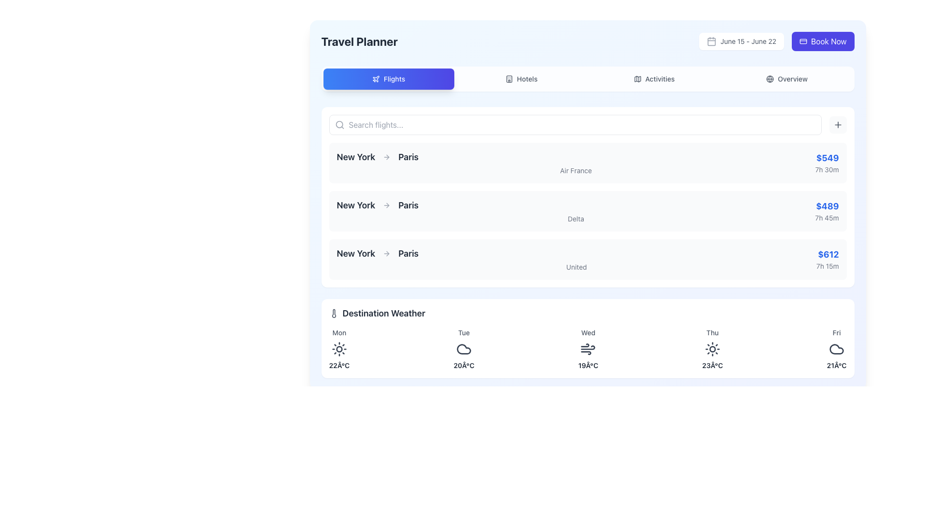  Describe the element at coordinates (508, 79) in the screenshot. I see `the 'Hotels' icon in the navigation bar` at that location.